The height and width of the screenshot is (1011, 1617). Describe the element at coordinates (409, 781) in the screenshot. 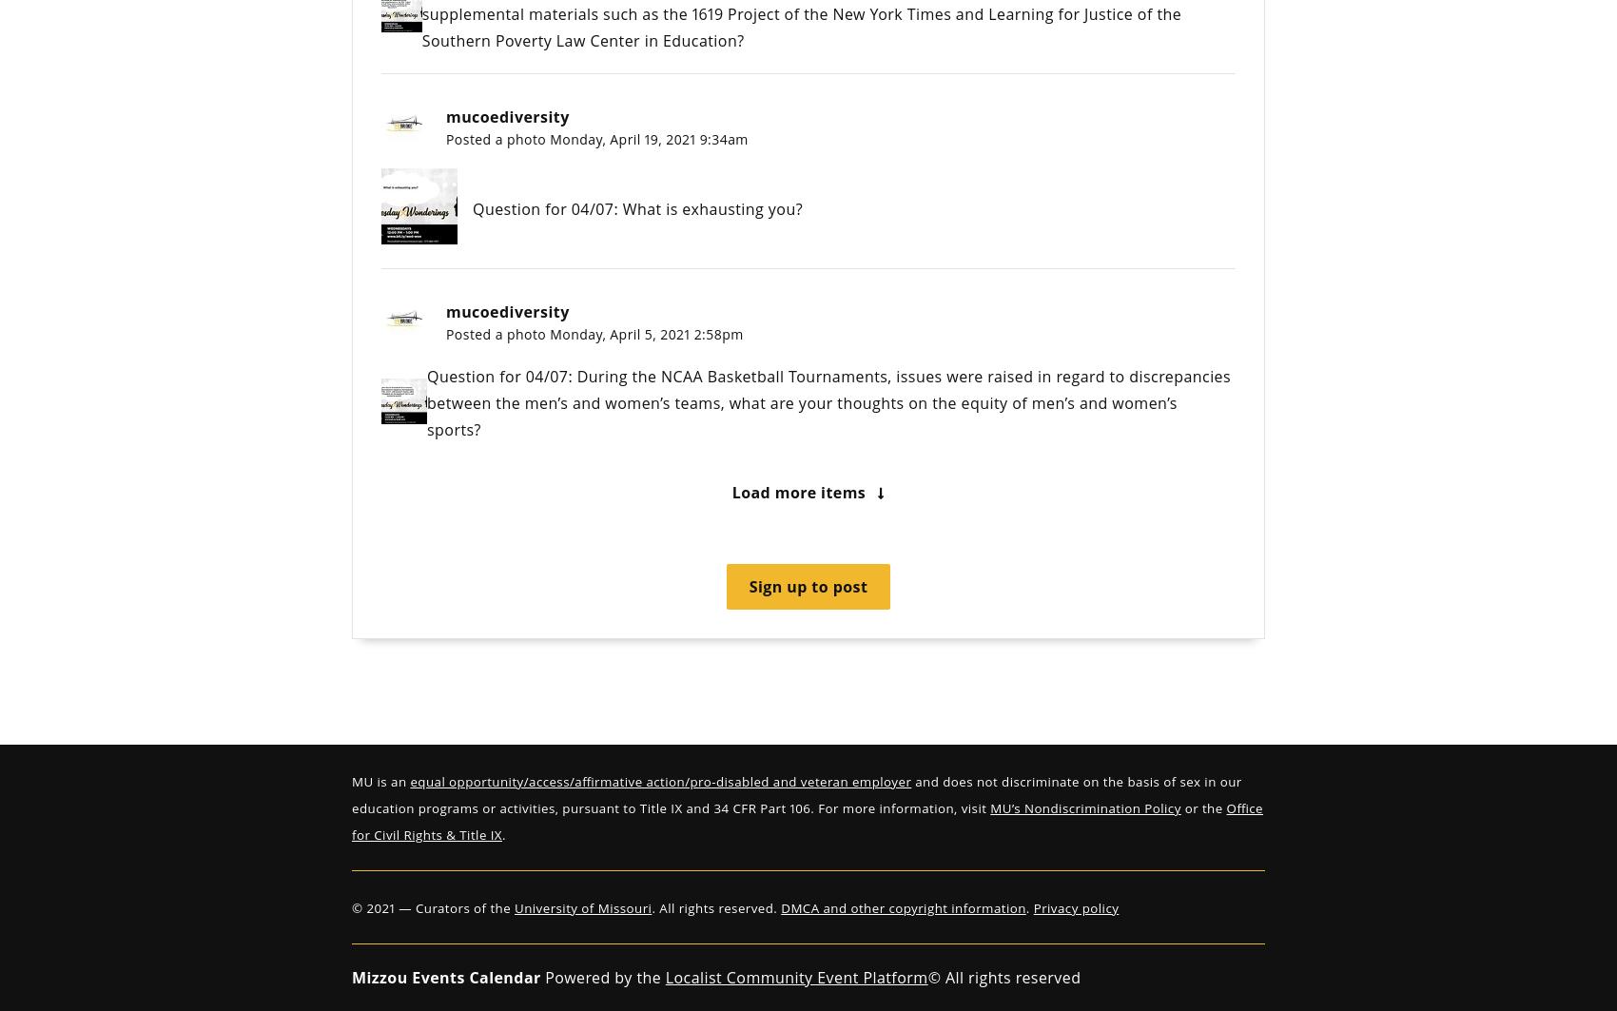

I see `'equal opportunity/access/affirmative action/pro-disabled and veteran employer'` at that location.